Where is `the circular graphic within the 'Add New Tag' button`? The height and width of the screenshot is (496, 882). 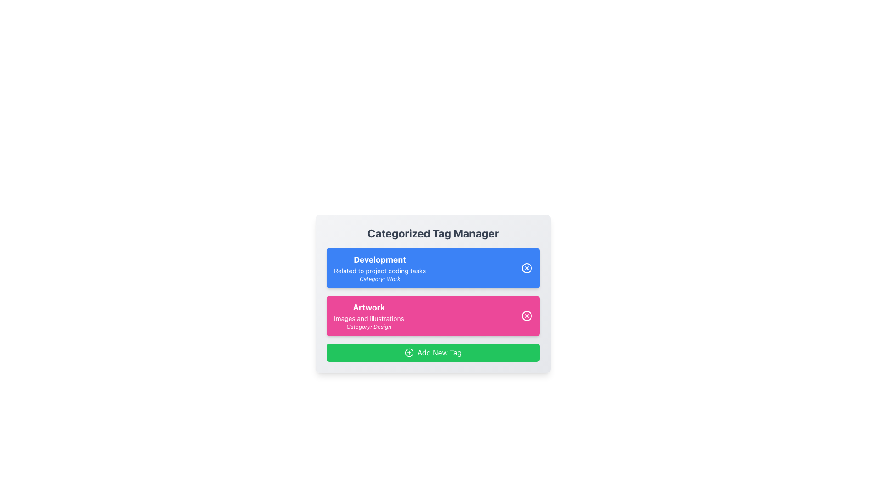
the circular graphic within the 'Add New Tag' button is located at coordinates (409, 352).